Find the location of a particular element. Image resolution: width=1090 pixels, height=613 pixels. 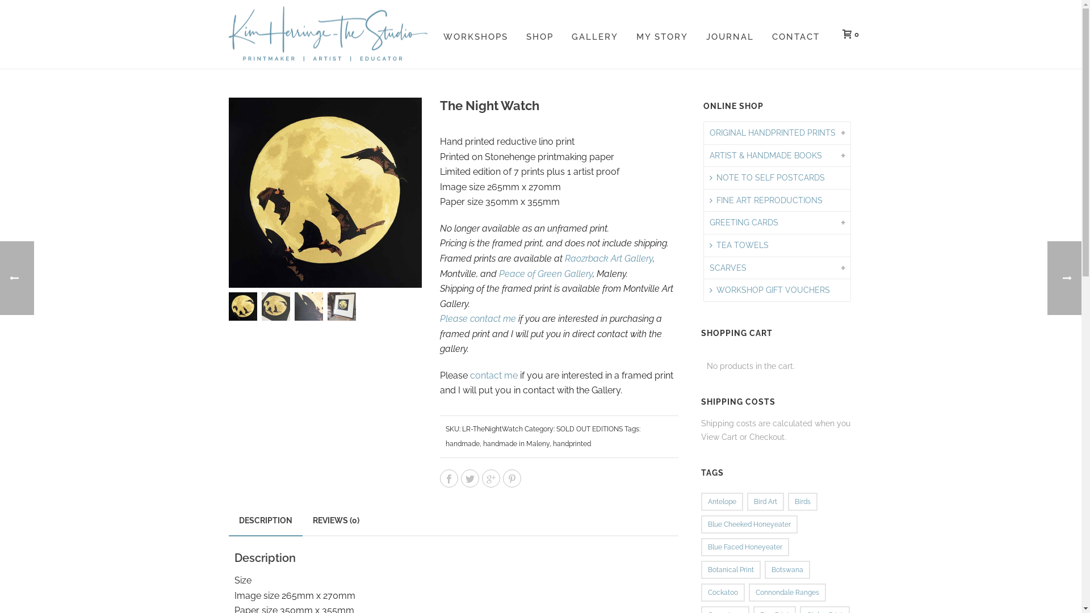

'handmade in Maleny' is located at coordinates (483, 443).